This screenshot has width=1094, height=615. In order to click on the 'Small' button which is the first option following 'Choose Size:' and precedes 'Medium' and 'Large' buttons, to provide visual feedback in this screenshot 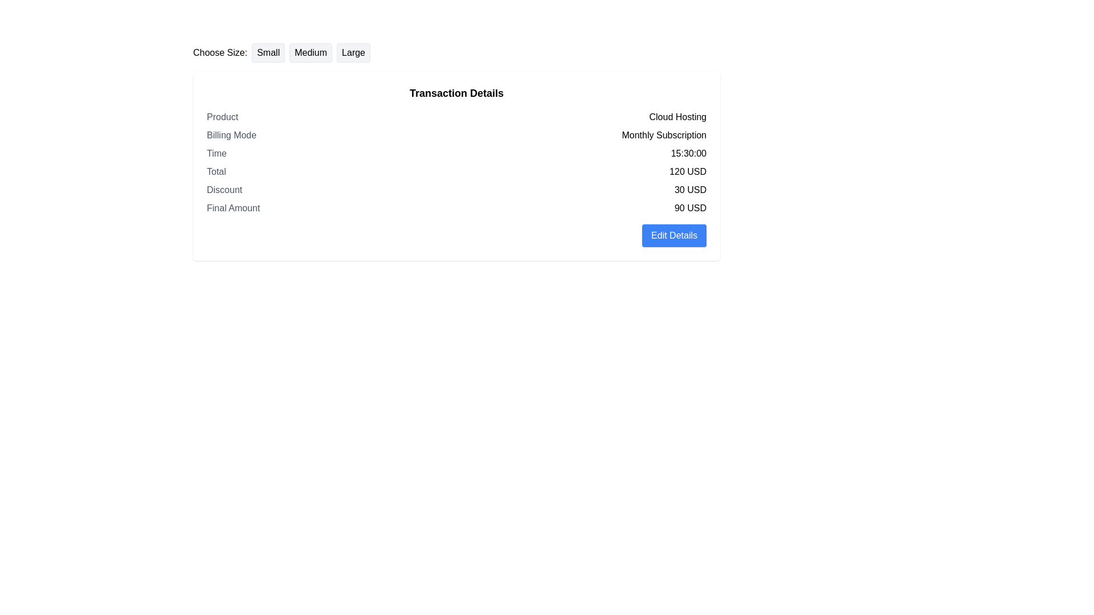, I will do `click(268, 52)`.